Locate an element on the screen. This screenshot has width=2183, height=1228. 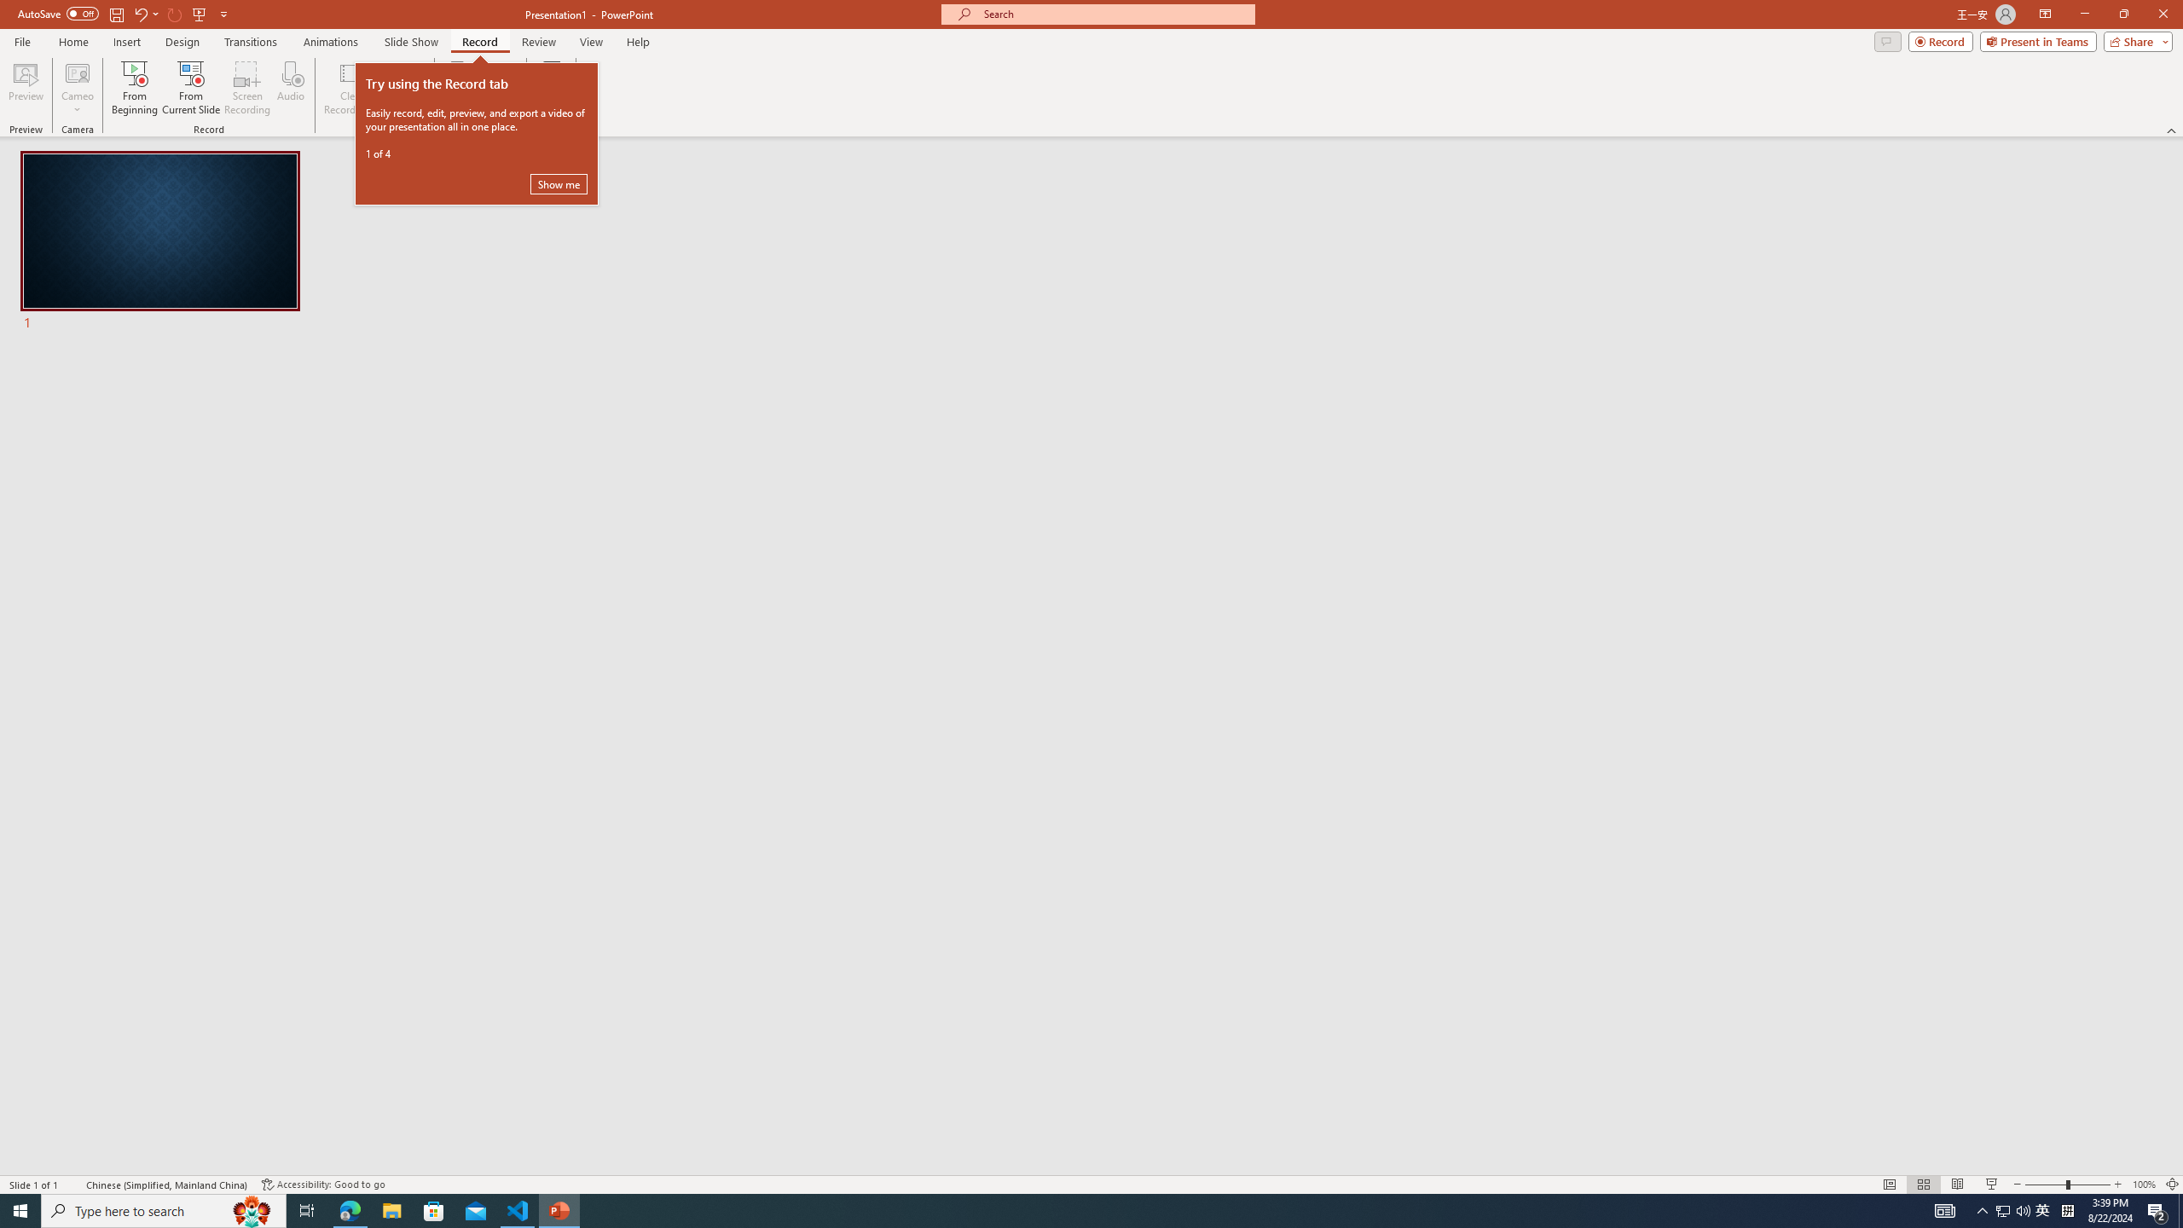
'Zoom 100%' is located at coordinates (2145, 1185).